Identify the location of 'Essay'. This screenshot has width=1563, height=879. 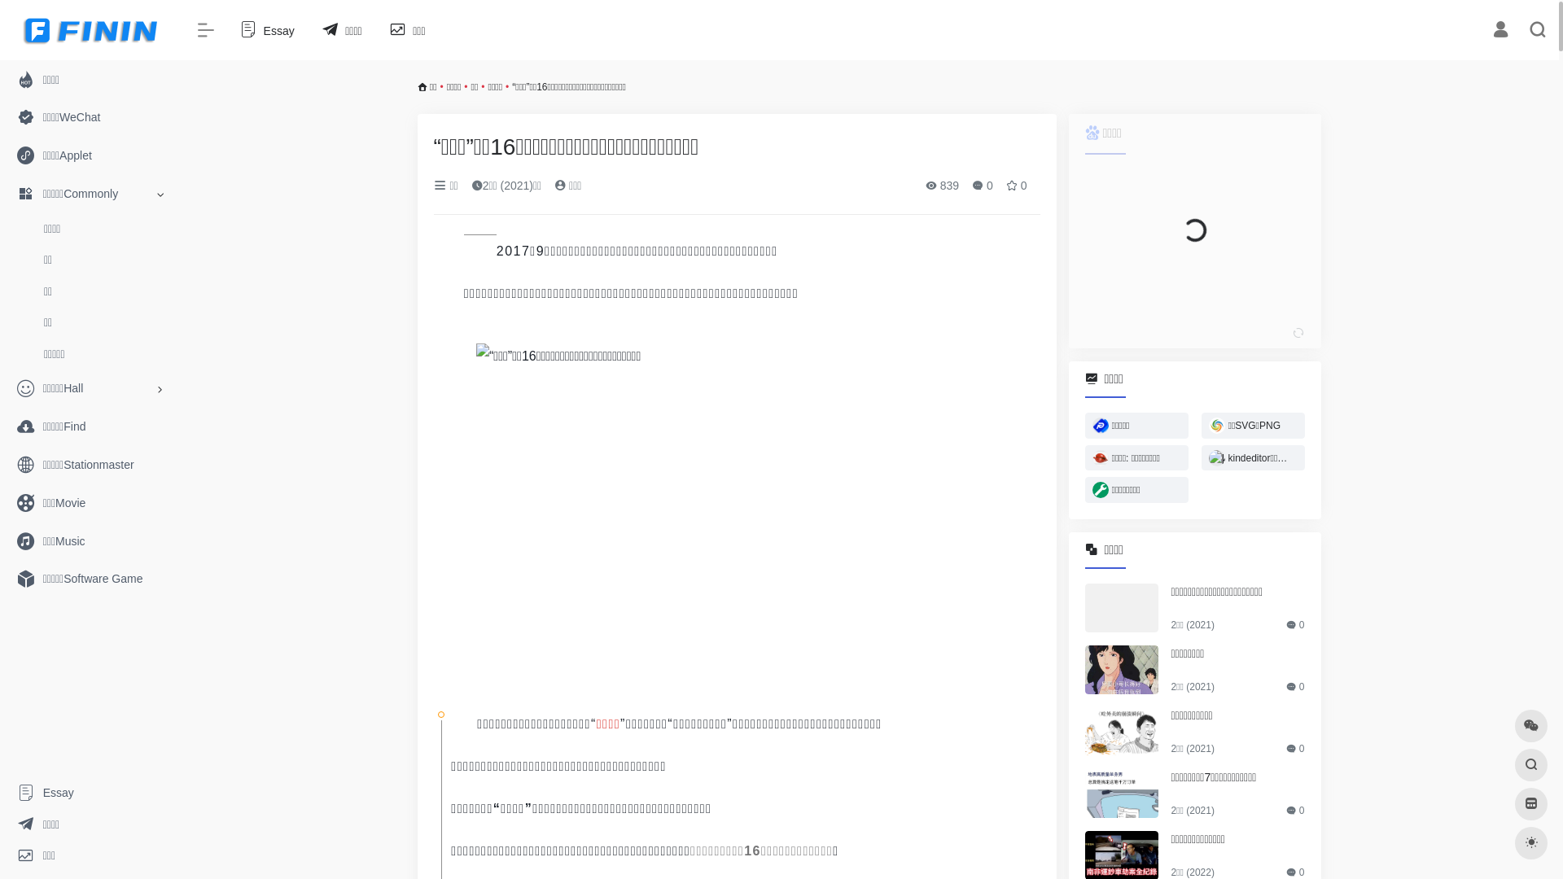
(265, 30).